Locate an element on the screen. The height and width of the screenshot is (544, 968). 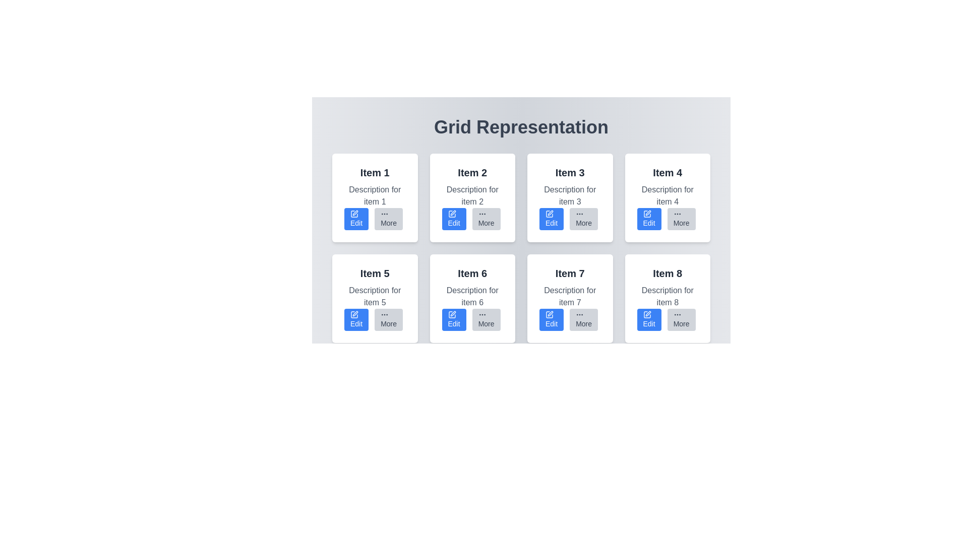
the button group located in the bottom section of the first card labeled 'Item 1' is located at coordinates (374, 219).